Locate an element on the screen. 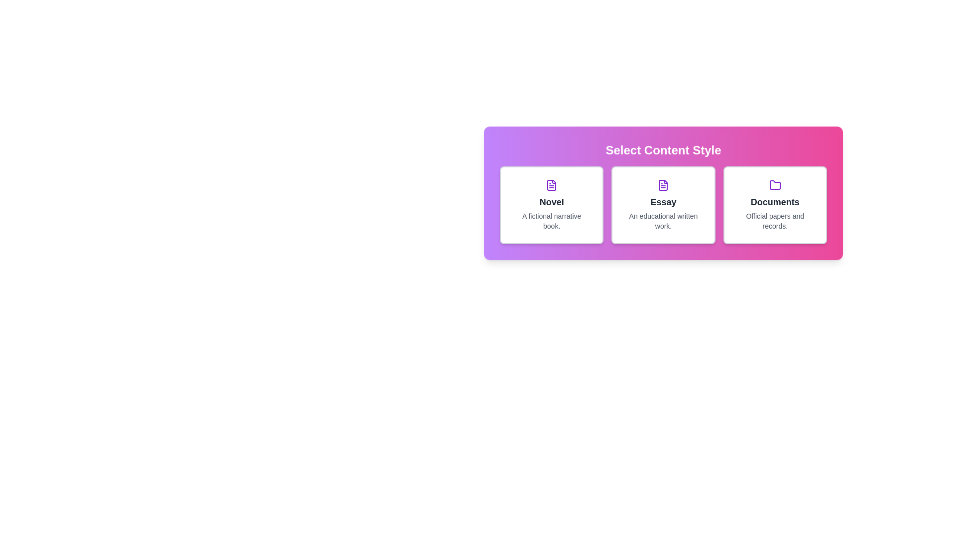  the descriptive Text Label located below the title 'Novel' in the leftmost card of three horizontally aligned cards is located at coordinates (551, 220).